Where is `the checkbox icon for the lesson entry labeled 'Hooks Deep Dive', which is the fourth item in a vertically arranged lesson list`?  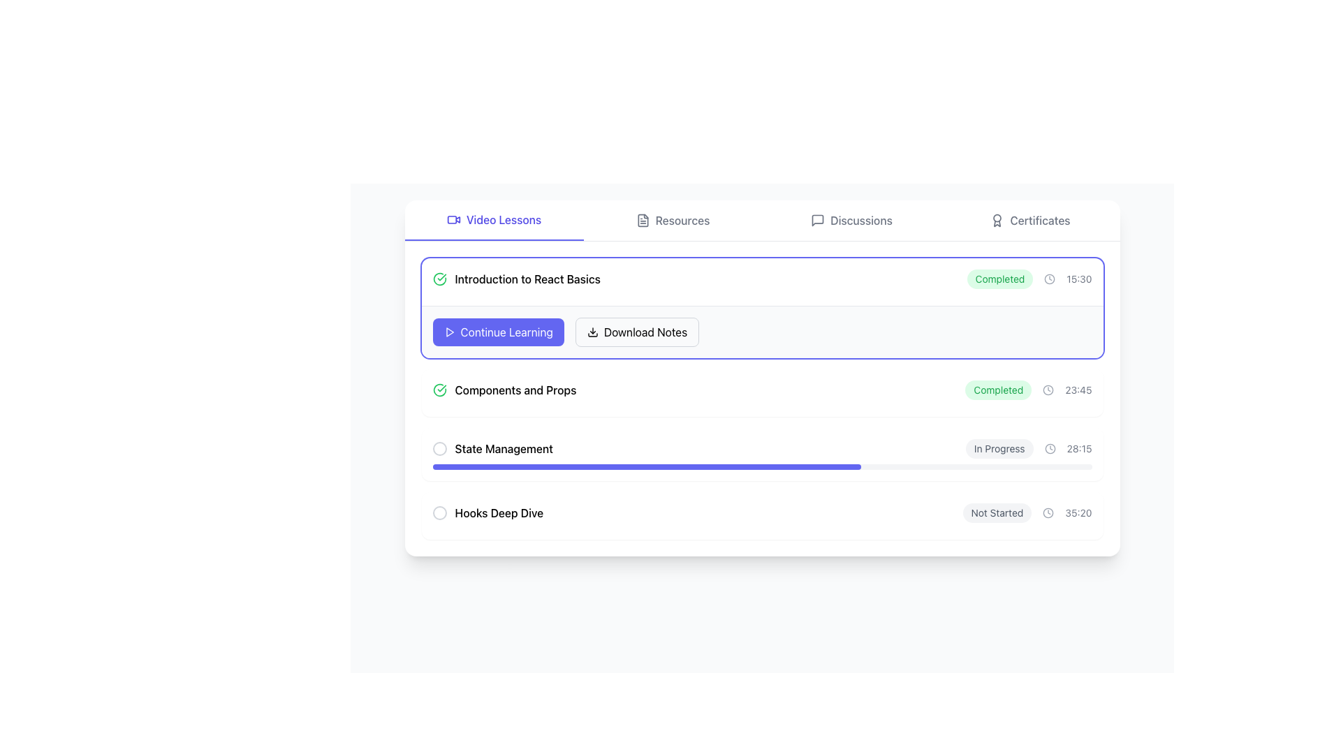
the checkbox icon for the lesson entry labeled 'Hooks Deep Dive', which is the fourth item in a vertically arranged lesson list is located at coordinates (488, 513).